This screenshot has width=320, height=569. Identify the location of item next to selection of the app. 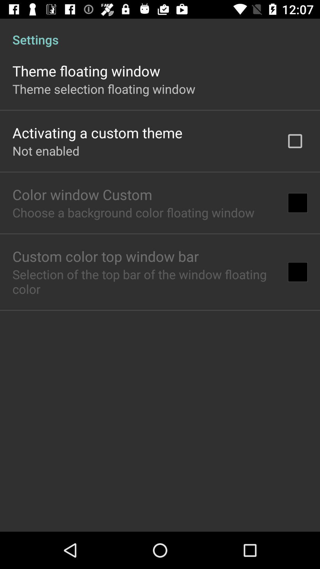
(298, 271).